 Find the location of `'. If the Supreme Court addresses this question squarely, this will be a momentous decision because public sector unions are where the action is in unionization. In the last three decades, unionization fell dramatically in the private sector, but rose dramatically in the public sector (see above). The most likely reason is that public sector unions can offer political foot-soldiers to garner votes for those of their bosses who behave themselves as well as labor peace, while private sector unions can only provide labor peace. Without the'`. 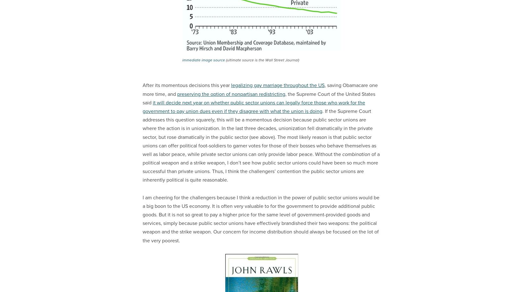

'. If the Supreme Court addresses this question squarely, this will be a momentous decision because public sector unions are where the action is in unionization. In the last three decades, unionization fell dramatically in the private sector, but rose dramatically in the public sector (see above). The most likely reason is that public sector unions can offer political foot-soldiers to garner votes for those of their bosses who behave themselves as well as labor peace, while private sector unions can only provide labor peace. Without the' is located at coordinates (259, 132).